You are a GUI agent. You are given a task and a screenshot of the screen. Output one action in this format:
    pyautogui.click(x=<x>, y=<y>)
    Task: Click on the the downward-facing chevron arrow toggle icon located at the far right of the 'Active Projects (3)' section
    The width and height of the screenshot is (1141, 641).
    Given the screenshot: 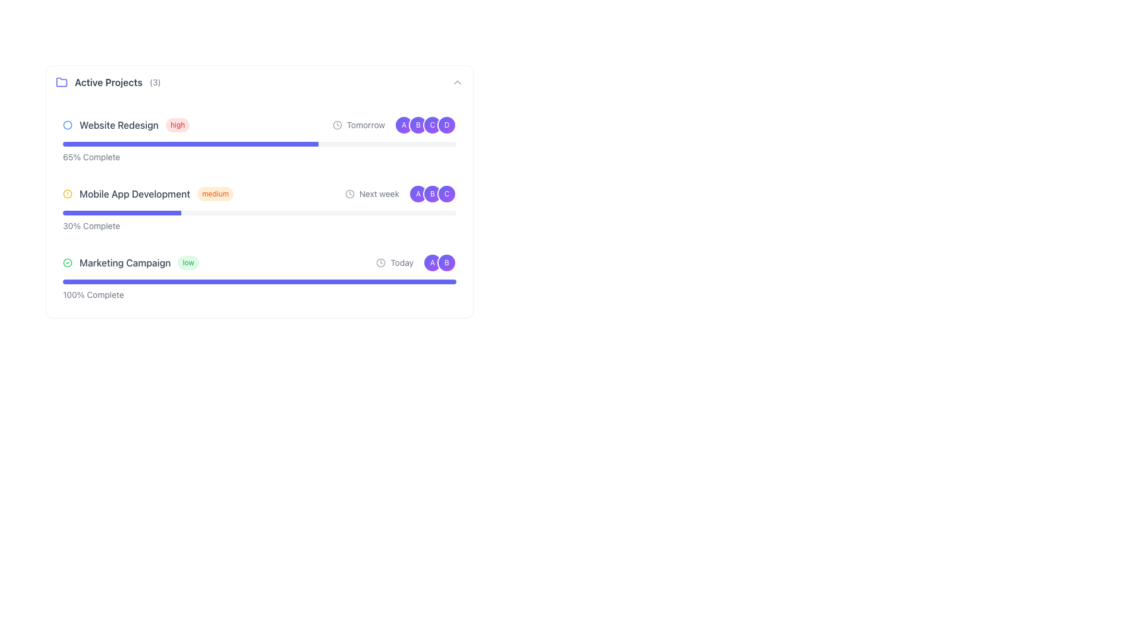 What is the action you would take?
    pyautogui.click(x=456, y=81)
    